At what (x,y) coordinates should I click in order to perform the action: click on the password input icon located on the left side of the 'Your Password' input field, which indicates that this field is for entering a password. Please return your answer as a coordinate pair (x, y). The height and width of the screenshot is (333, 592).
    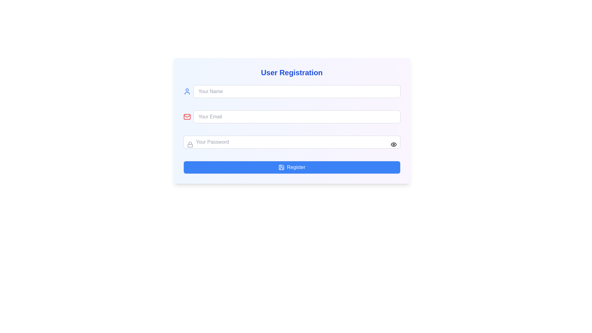
    Looking at the image, I should click on (190, 145).